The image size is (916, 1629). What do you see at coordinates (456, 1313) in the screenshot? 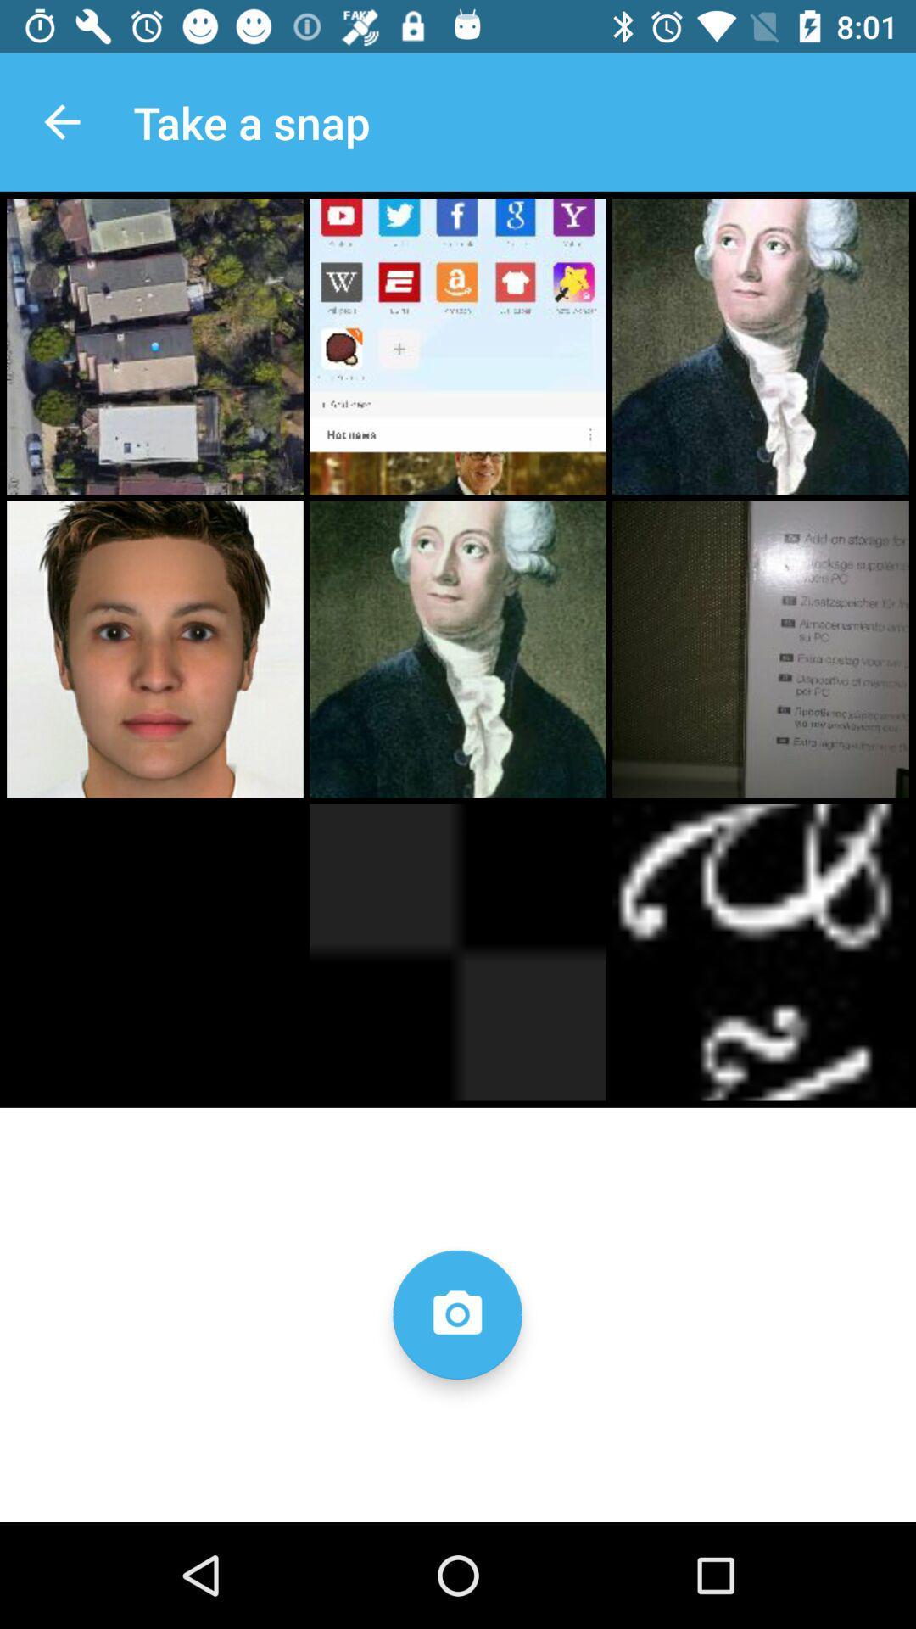
I see `take a photo` at bounding box center [456, 1313].